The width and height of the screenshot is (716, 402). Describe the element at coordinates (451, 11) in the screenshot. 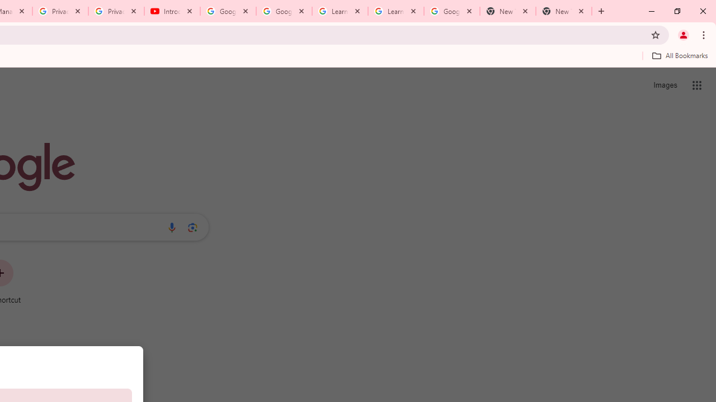

I see `'Google Account'` at that location.